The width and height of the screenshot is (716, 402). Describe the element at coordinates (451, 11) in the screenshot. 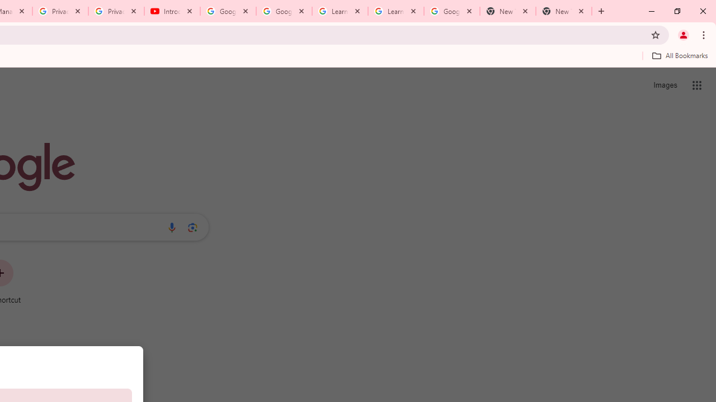

I see `'Google Account'` at that location.